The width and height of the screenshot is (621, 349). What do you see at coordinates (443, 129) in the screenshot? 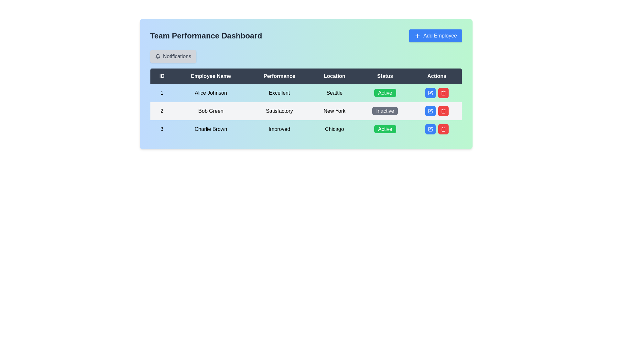
I see `the trash bin icon with a red background located in the button group on the rightmost side of the row for 'Bob Green'` at bounding box center [443, 129].